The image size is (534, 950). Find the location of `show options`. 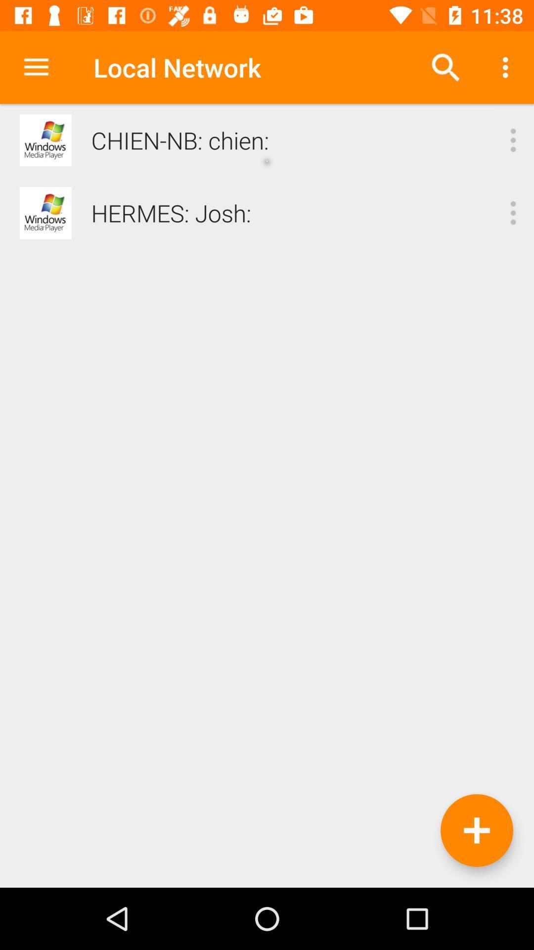

show options is located at coordinates (512, 140).